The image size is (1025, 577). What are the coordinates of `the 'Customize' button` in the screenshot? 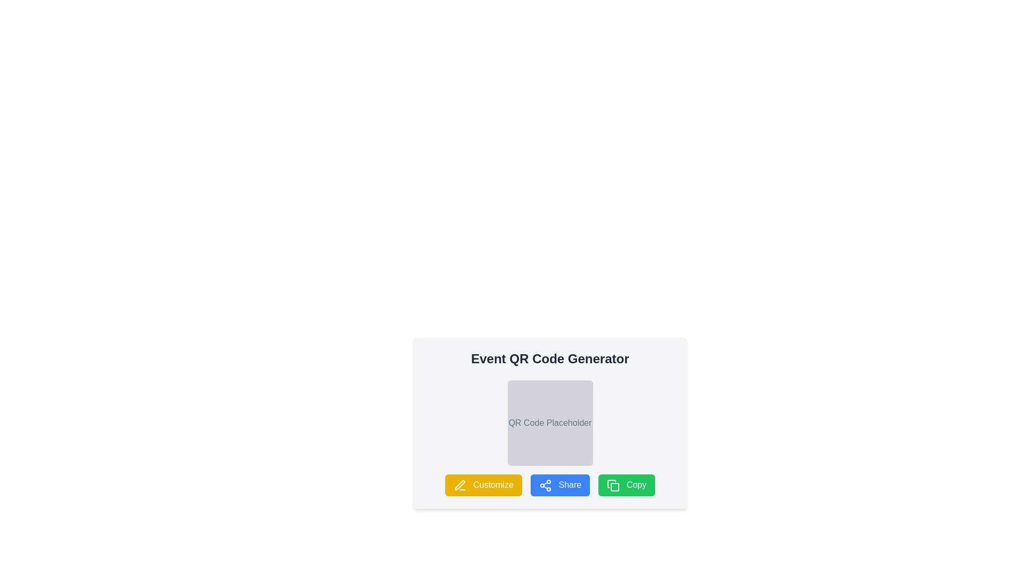 It's located at (460, 485).